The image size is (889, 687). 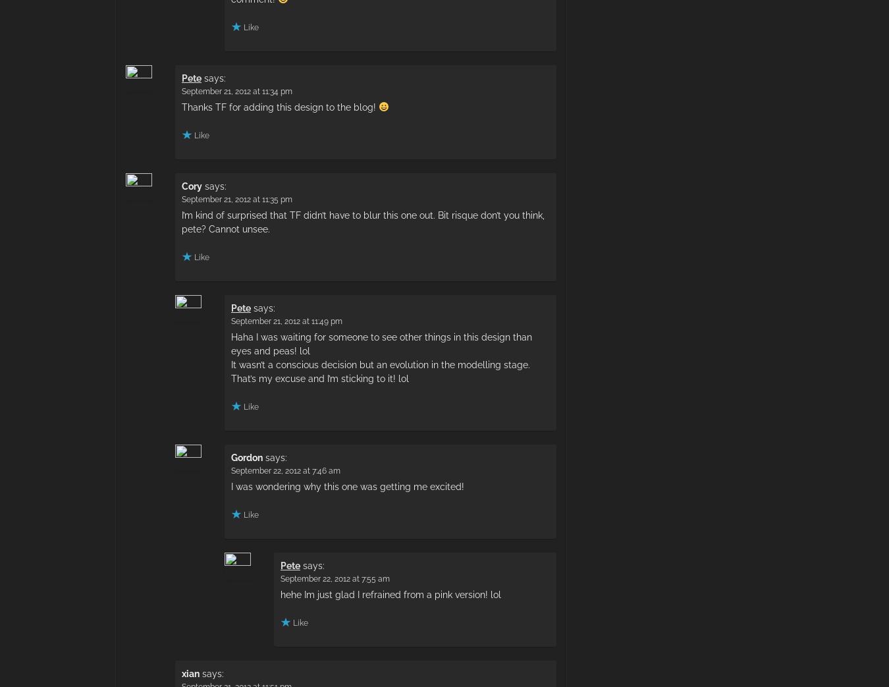 What do you see at coordinates (334, 578) in the screenshot?
I see `'September 22, 2012 at 7:55 am'` at bounding box center [334, 578].